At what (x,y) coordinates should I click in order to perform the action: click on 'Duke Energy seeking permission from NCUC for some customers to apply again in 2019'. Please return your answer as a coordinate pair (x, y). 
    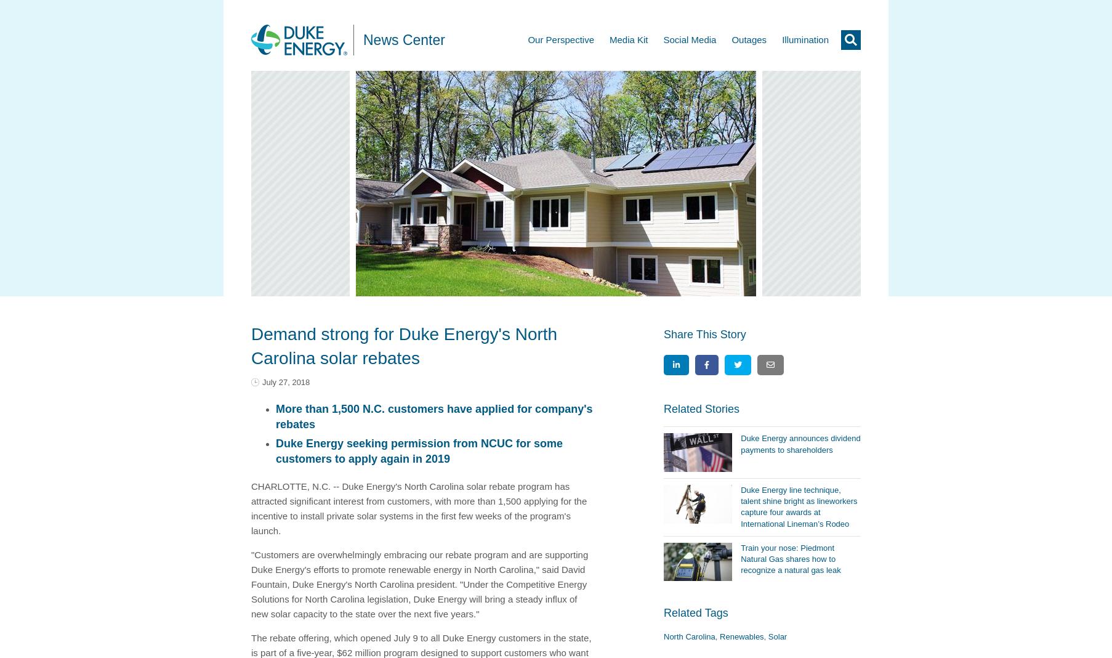
    Looking at the image, I should click on (275, 450).